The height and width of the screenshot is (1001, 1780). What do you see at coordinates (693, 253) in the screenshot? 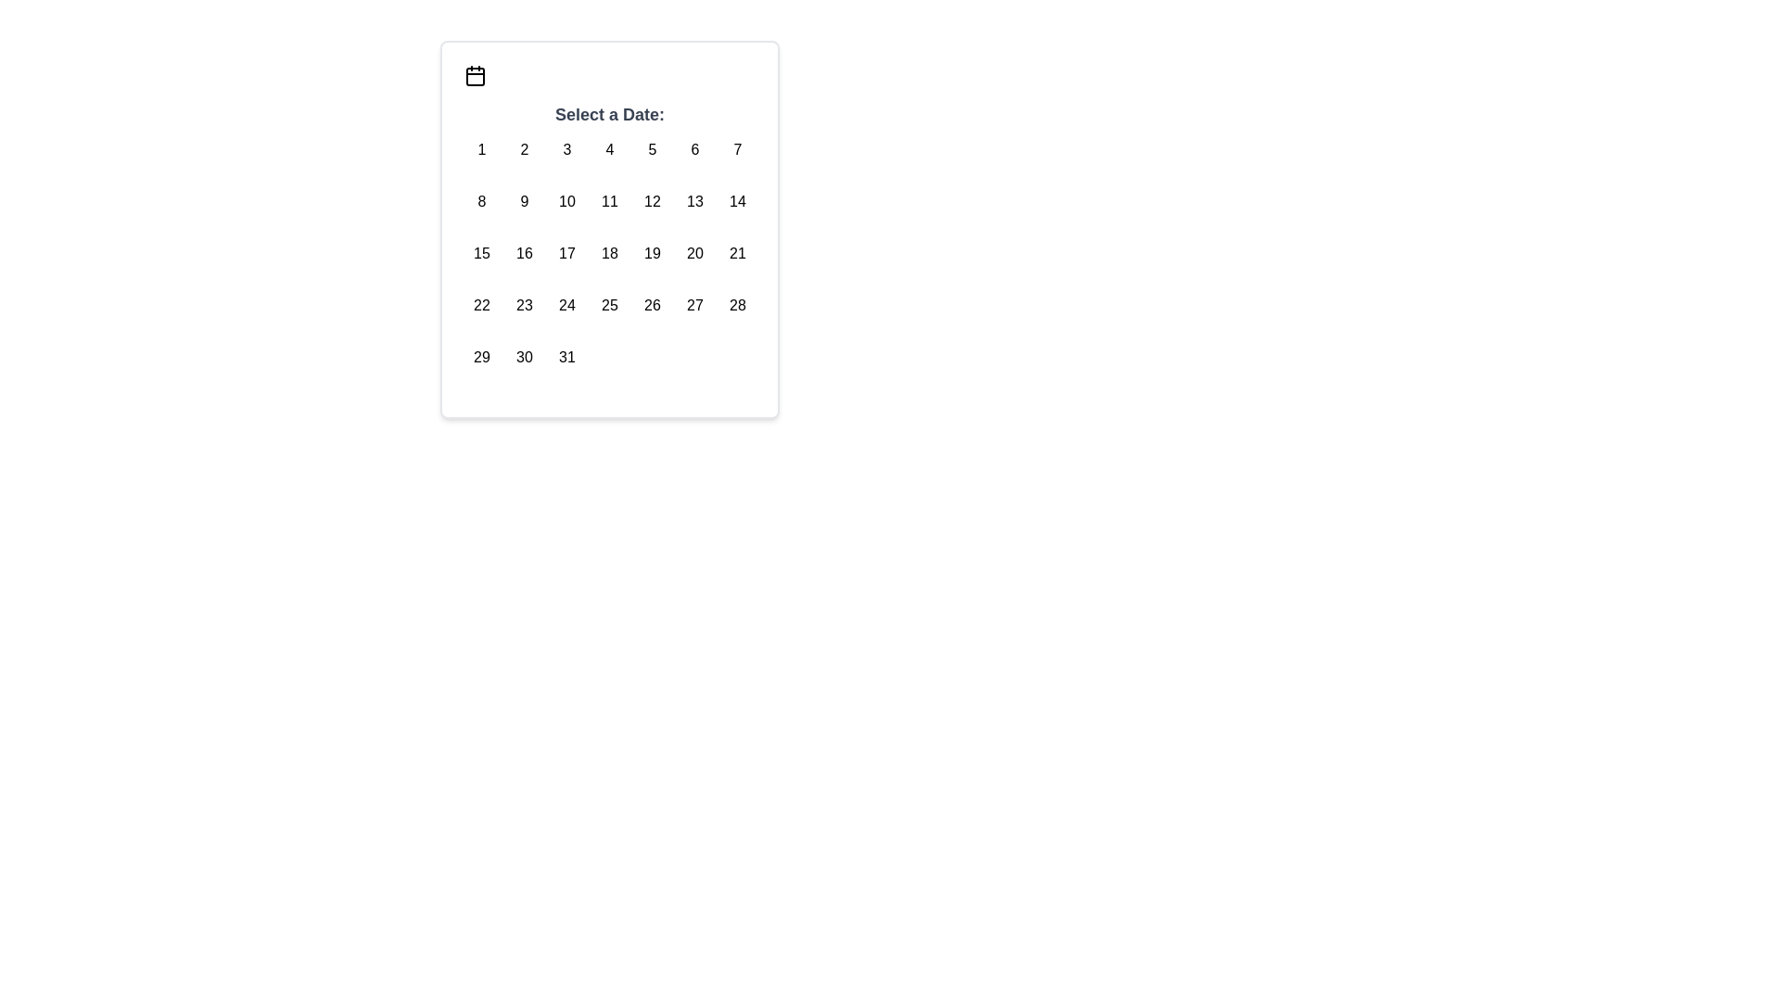
I see `the date selection button for '20' in the calendar interface` at bounding box center [693, 253].